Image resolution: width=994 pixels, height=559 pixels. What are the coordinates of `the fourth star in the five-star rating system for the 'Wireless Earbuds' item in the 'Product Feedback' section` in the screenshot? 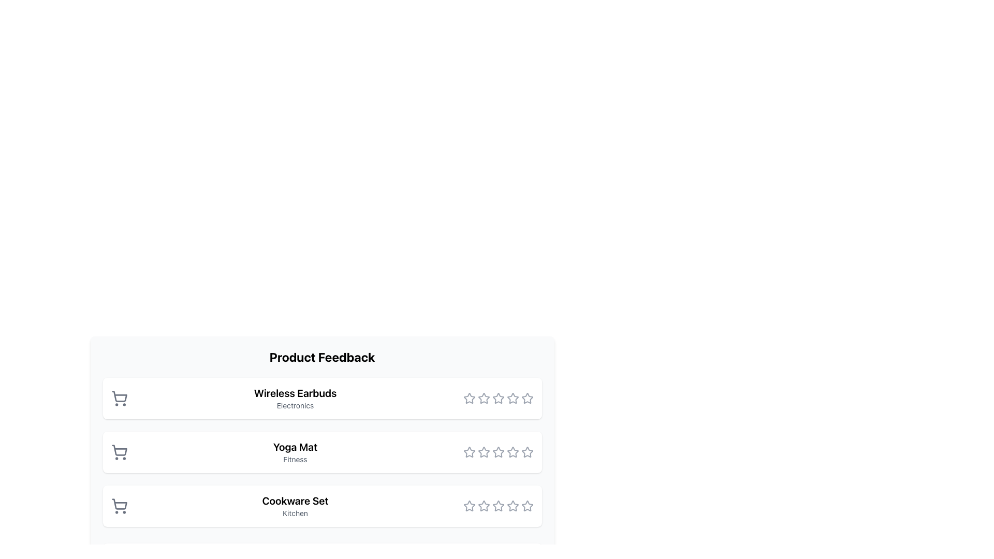 It's located at (498, 398).